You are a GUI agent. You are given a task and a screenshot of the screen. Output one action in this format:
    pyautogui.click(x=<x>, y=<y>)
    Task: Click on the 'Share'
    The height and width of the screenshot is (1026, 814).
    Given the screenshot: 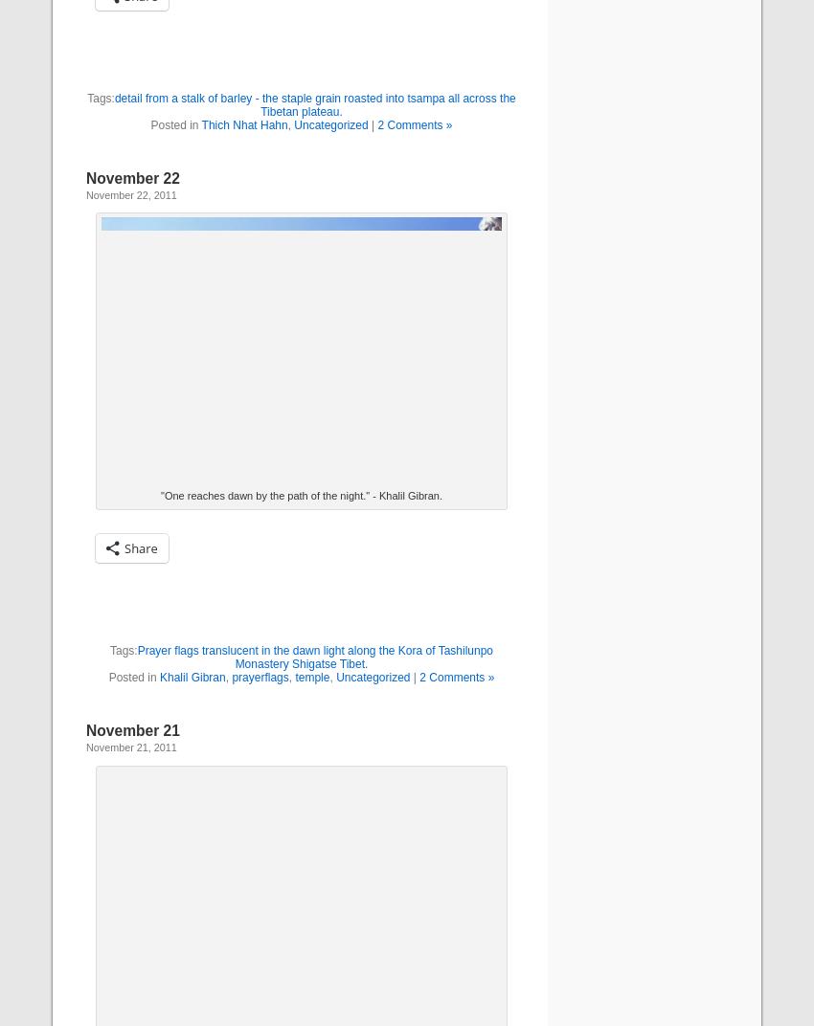 What is the action you would take?
    pyautogui.click(x=140, y=546)
    